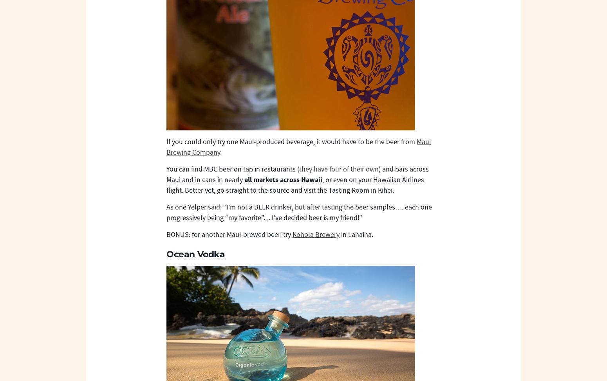 The image size is (607, 381). Describe the element at coordinates (166, 146) in the screenshot. I see `'Maui Brewing Company'` at that location.